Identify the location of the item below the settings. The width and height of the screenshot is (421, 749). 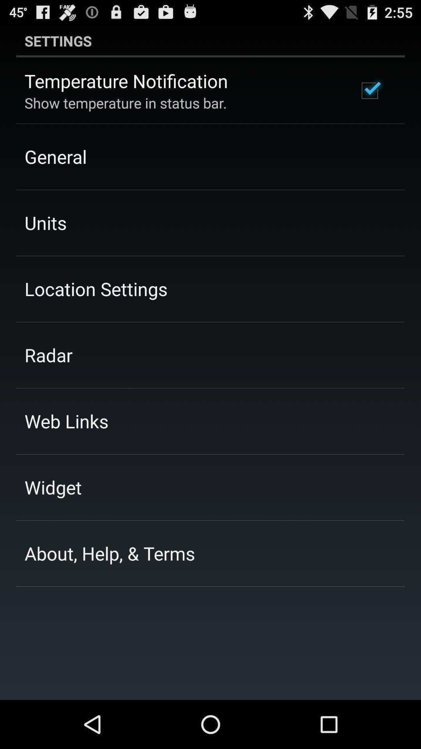
(369, 91).